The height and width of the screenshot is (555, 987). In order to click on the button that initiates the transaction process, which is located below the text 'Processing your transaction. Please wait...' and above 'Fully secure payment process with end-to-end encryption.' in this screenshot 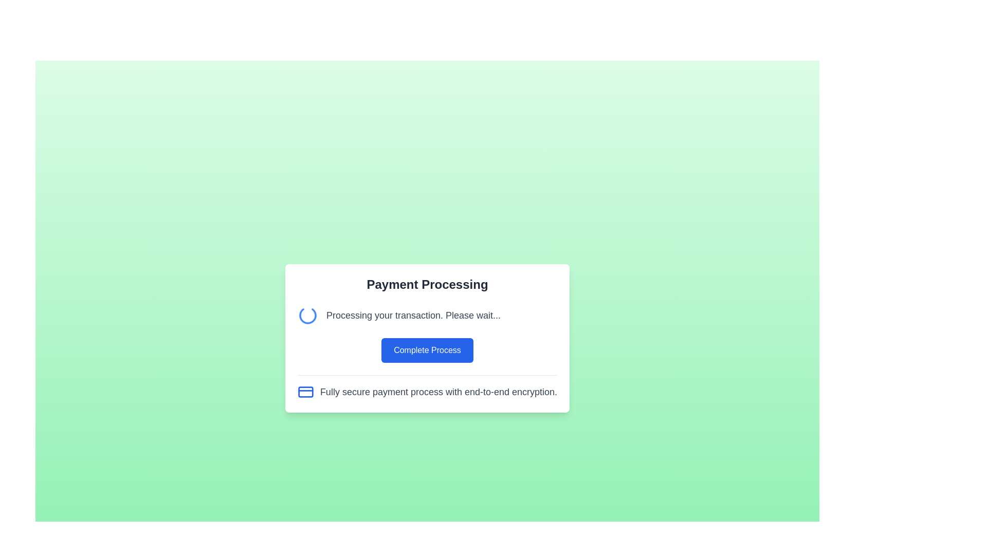, I will do `click(427, 349)`.